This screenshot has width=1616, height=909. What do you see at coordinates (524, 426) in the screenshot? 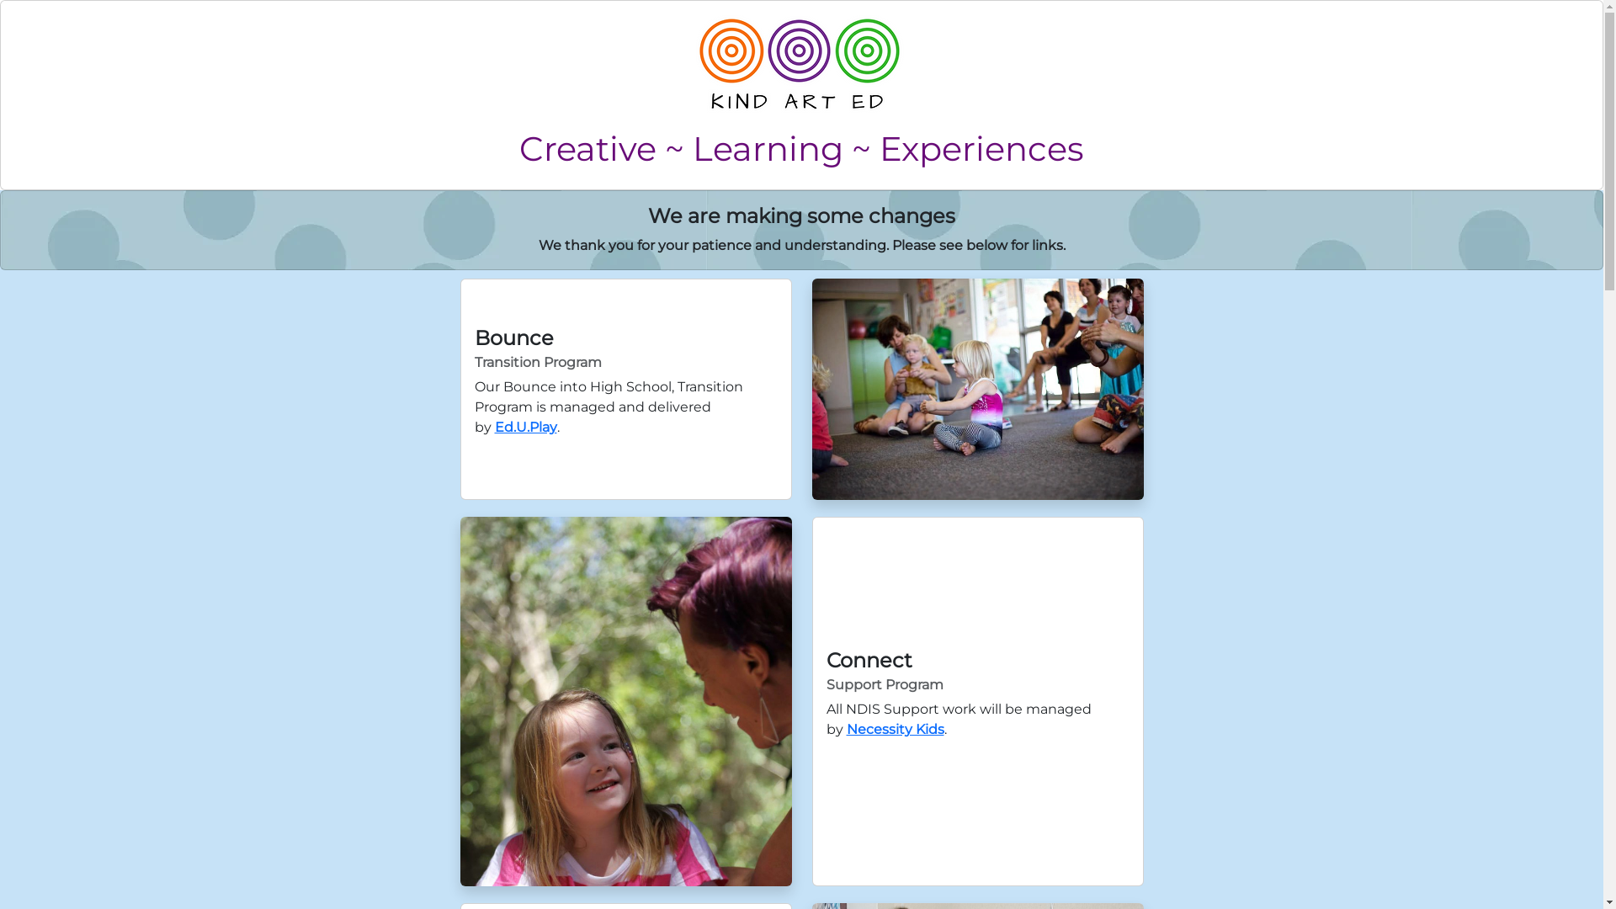
I see `'Ed.U.Play'` at bounding box center [524, 426].